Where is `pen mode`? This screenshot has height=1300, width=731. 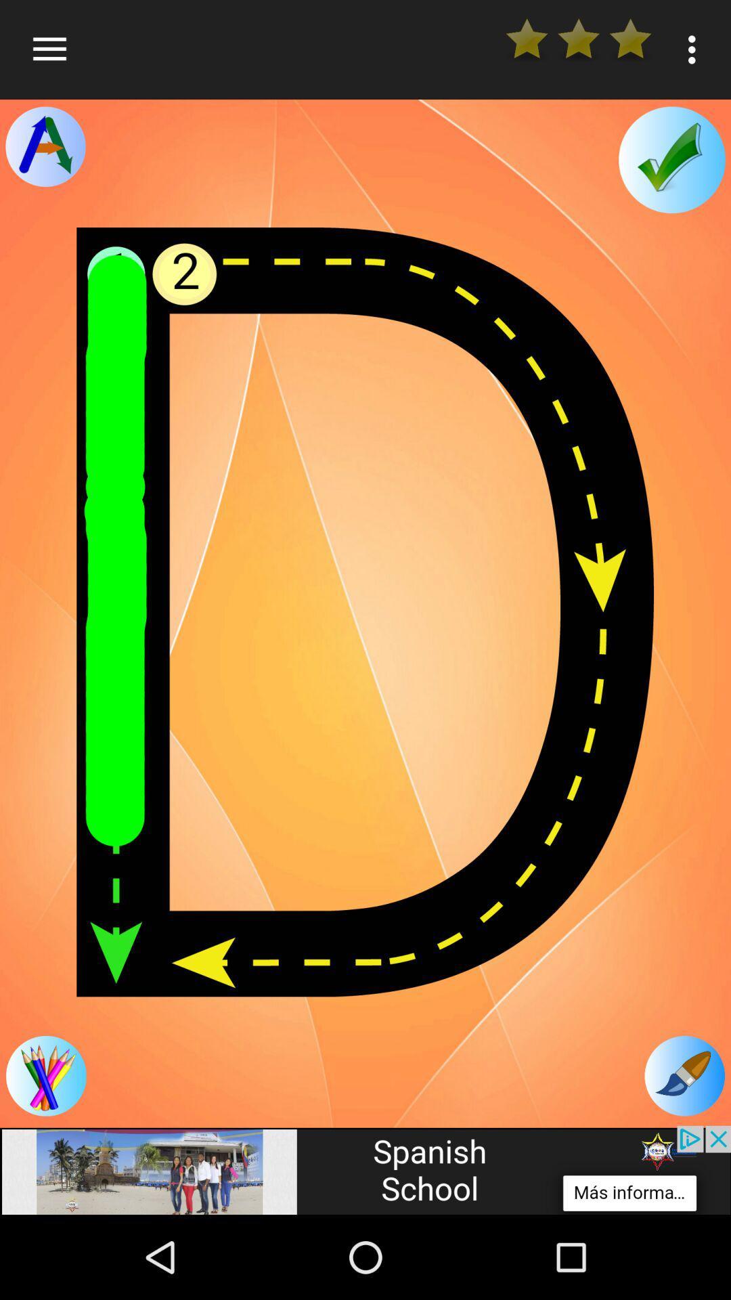
pen mode is located at coordinates (684, 1075).